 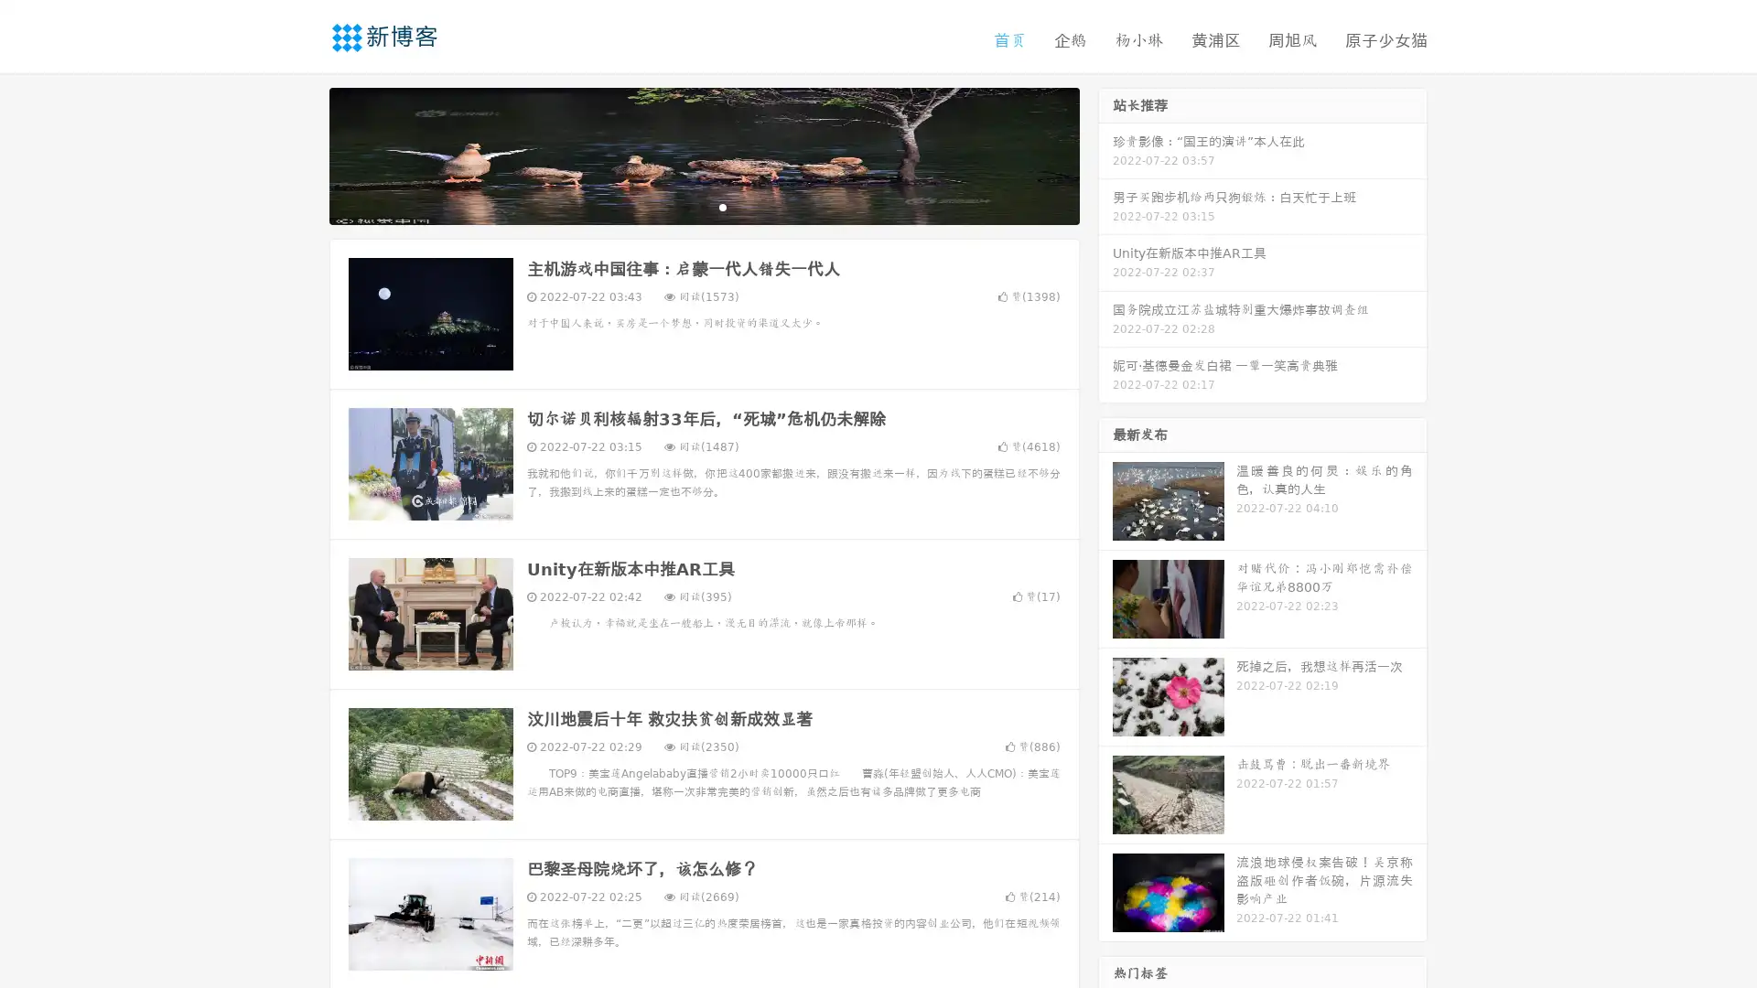 What do you see at coordinates (302, 154) in the screenshot?
I see `Previous slide` at bounding box center [302, 154].